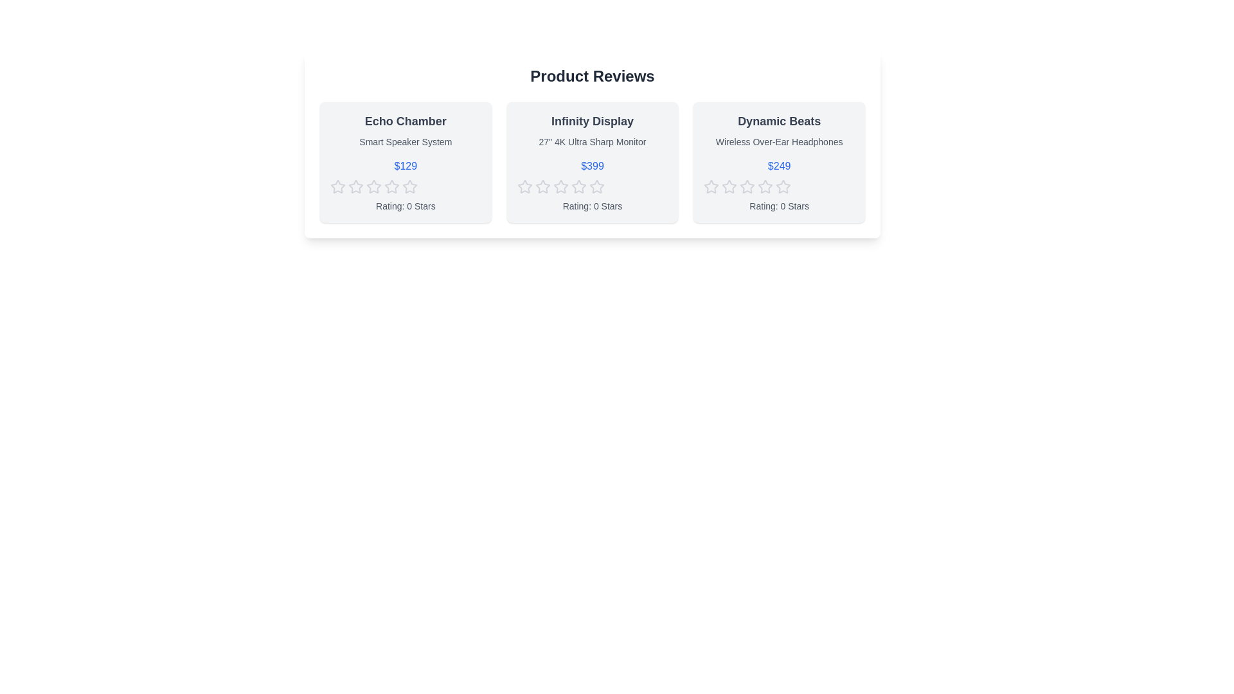  Describe the element at coordinates (391, 186) in the screenshot. I see `the fifth star in the interactive star rating component to assign a rating for the product 'Echo Chamber'` at that location.